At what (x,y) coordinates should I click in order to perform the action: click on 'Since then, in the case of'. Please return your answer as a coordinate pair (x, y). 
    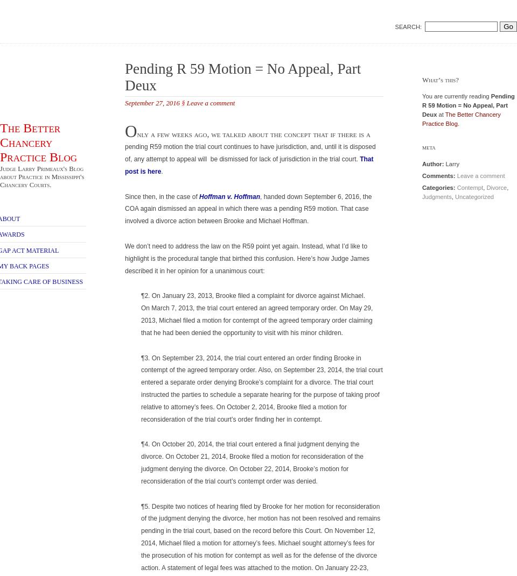
    Looking at the image, I should click on (161, 195).